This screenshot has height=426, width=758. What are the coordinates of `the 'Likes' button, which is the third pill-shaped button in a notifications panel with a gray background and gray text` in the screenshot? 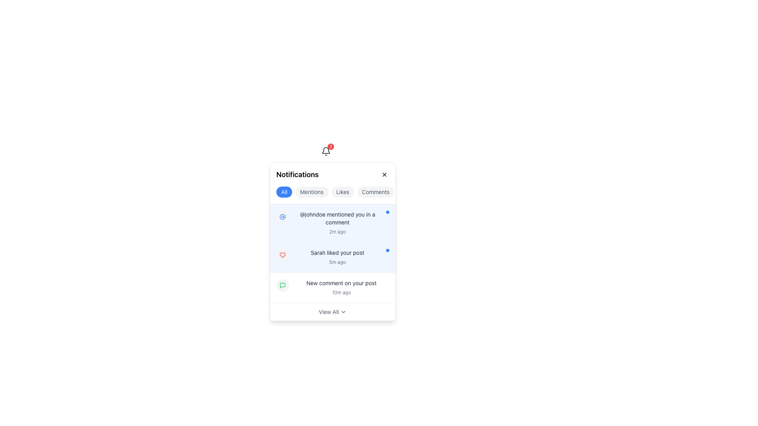 It's located at (343, 192).